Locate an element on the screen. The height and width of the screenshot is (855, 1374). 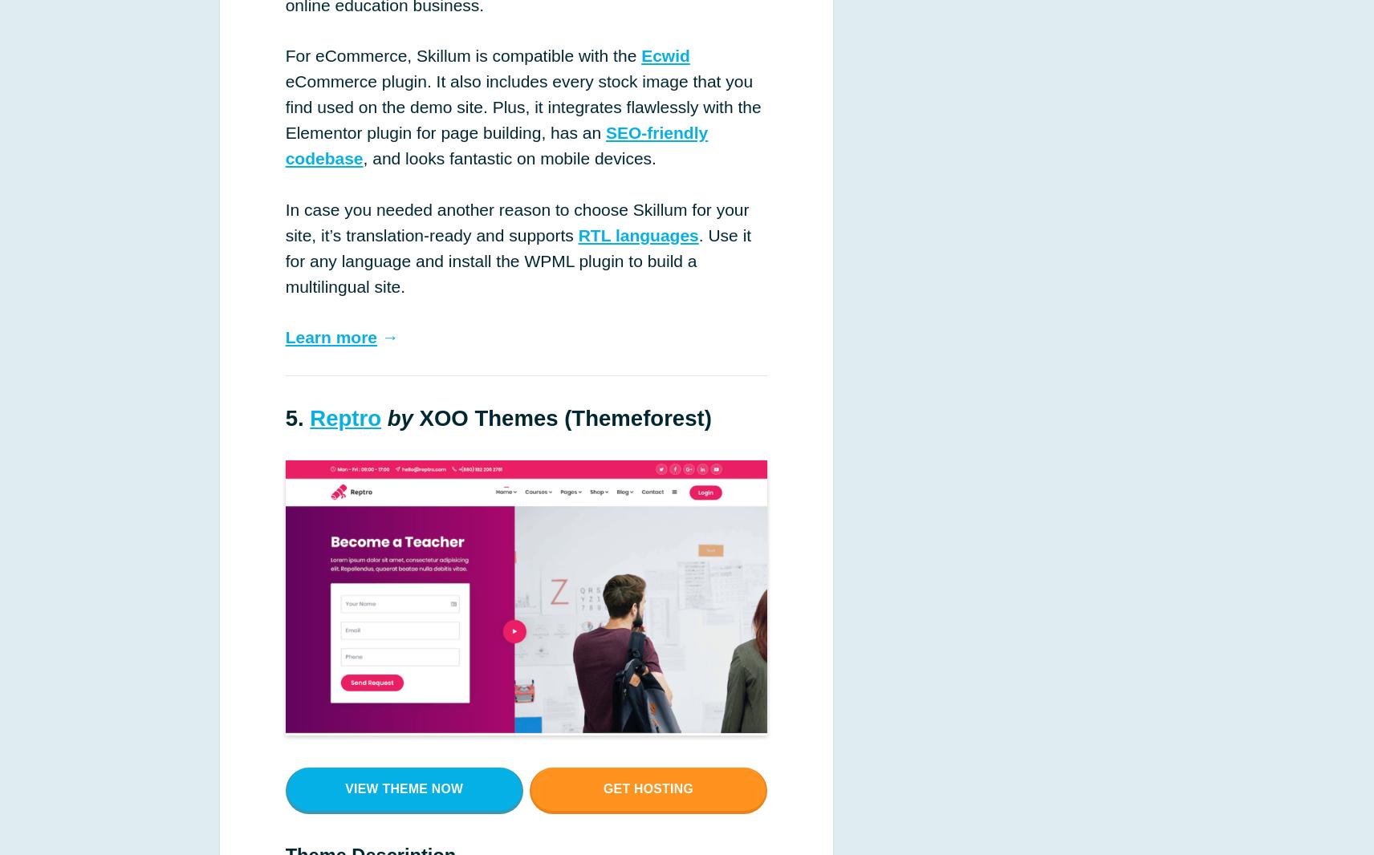
'RTL languages' is located at coordinates (638, 234).